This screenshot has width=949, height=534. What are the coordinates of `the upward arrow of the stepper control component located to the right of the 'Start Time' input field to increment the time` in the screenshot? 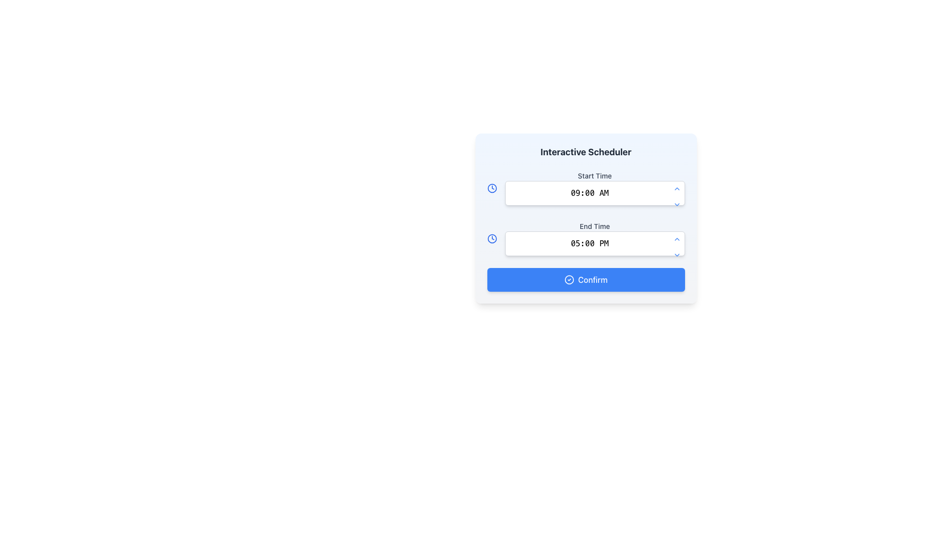 It's located at (676, 196).